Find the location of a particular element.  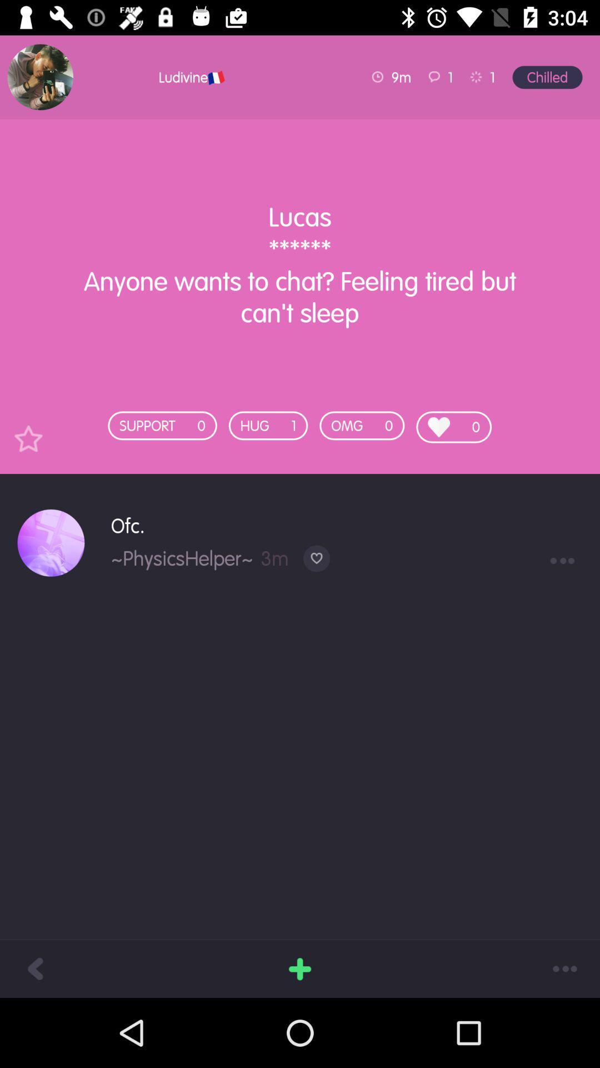

the icon above lucas anyone wants item is located at coordinates (158, 77).